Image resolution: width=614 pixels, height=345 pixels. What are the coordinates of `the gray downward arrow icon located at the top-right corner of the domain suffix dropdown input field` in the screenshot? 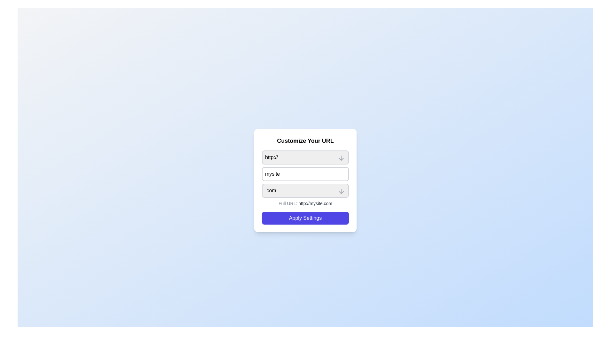 It's located at (341, 191).